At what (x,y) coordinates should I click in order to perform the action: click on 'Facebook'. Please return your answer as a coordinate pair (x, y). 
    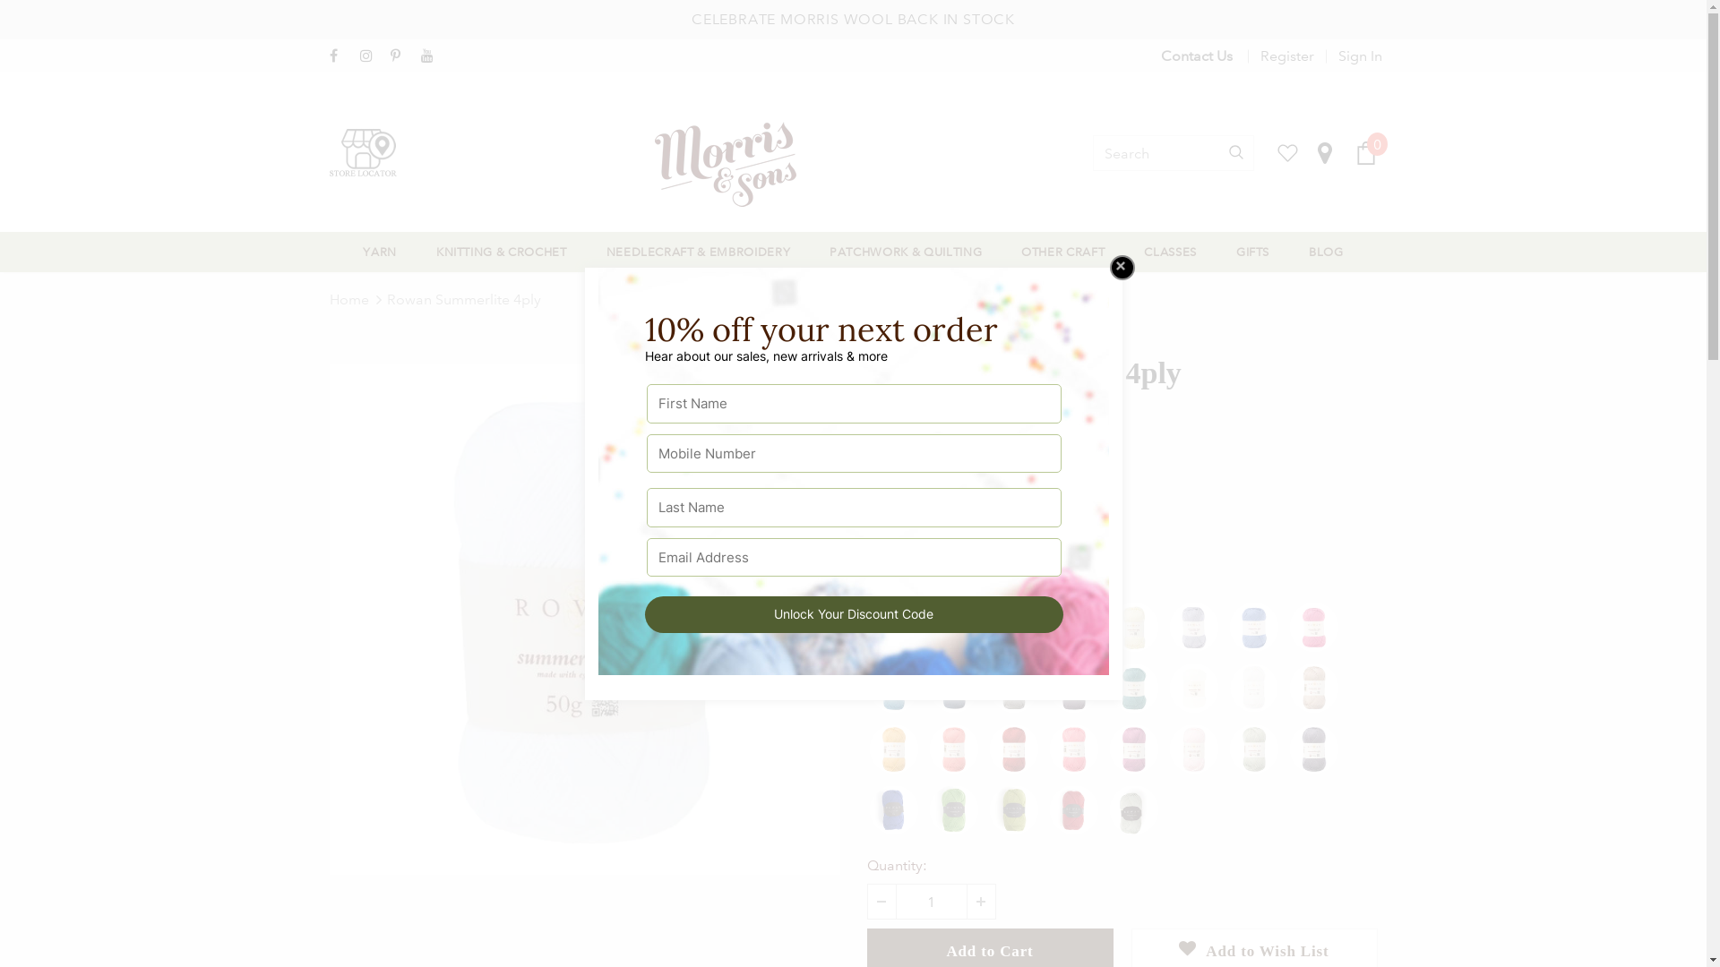
    Looking at the image, I should click on (340, 56).